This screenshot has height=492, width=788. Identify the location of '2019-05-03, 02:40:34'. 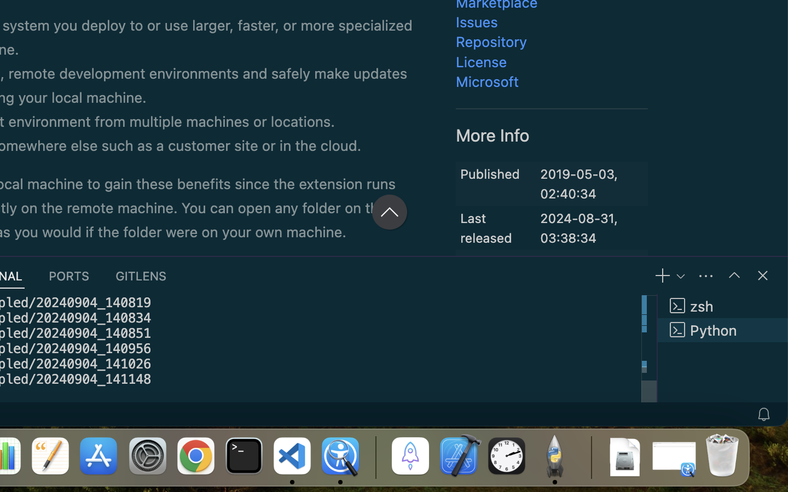
(579, 183).